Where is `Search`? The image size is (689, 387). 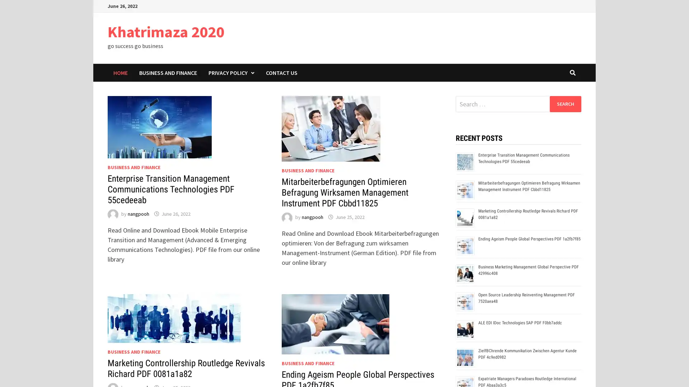
Search is located at coordinates (565, 104).